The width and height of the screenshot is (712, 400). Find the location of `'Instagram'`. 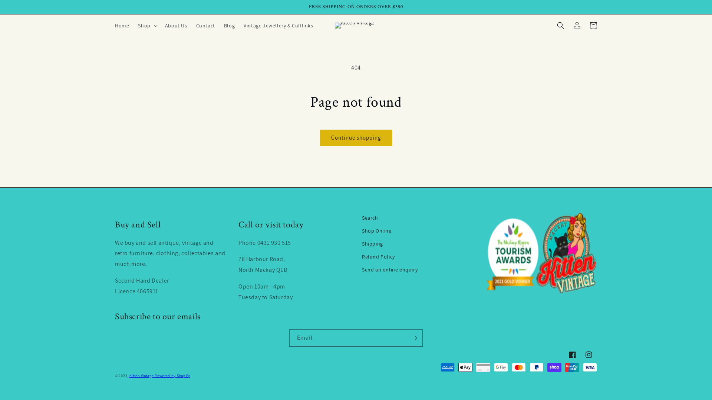

'Instagram' is located at coordinates (589, 354).